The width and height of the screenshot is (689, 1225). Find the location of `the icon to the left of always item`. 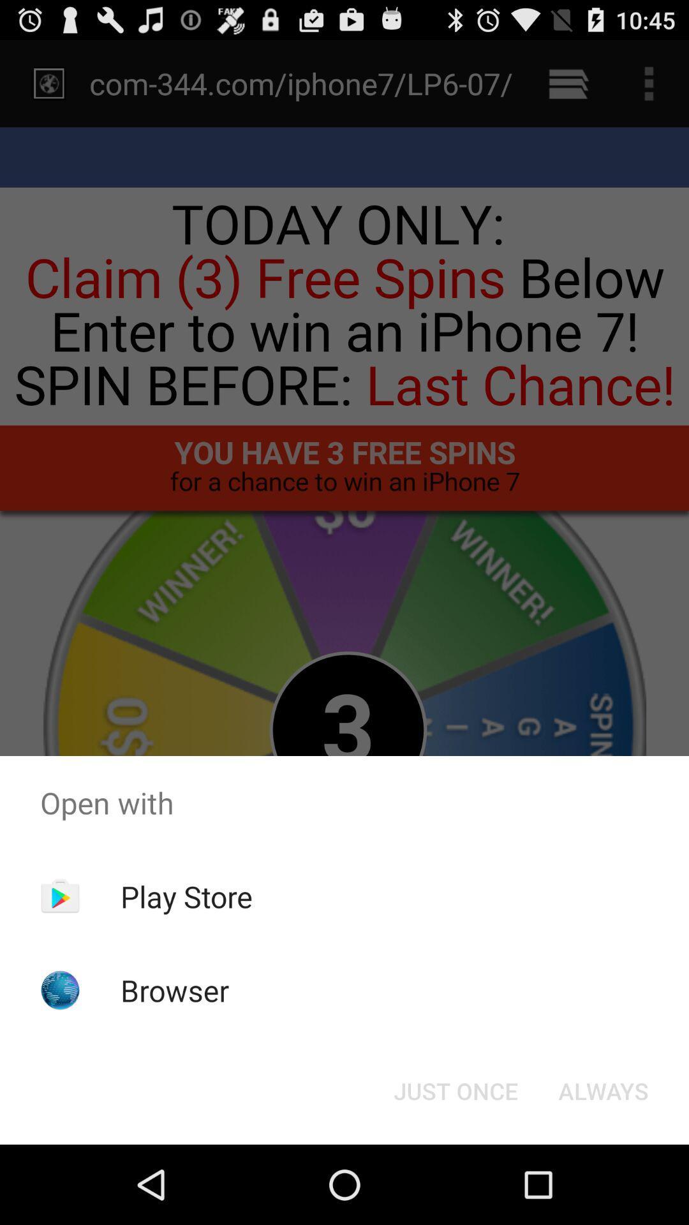

the icon to the left of always item is located at coordinates (455, 1090).